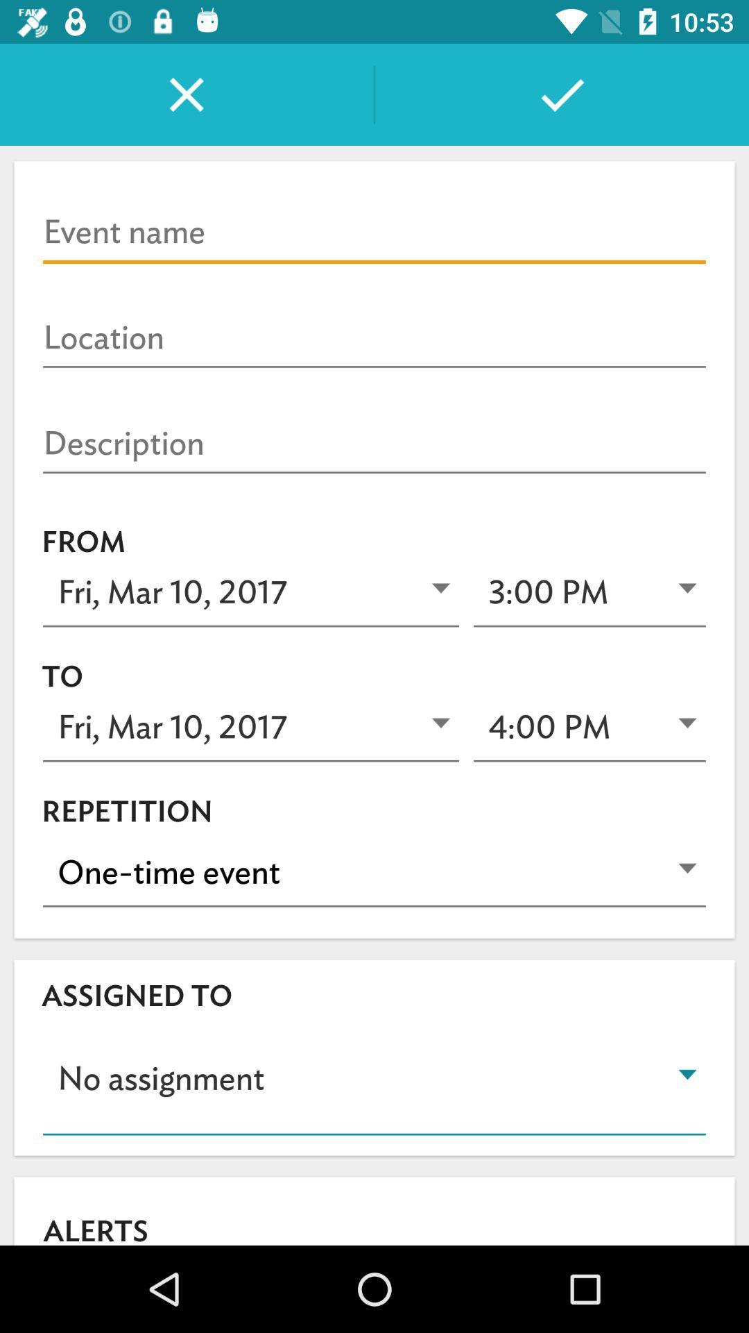  I want to click on location of event, so click(374, 338).